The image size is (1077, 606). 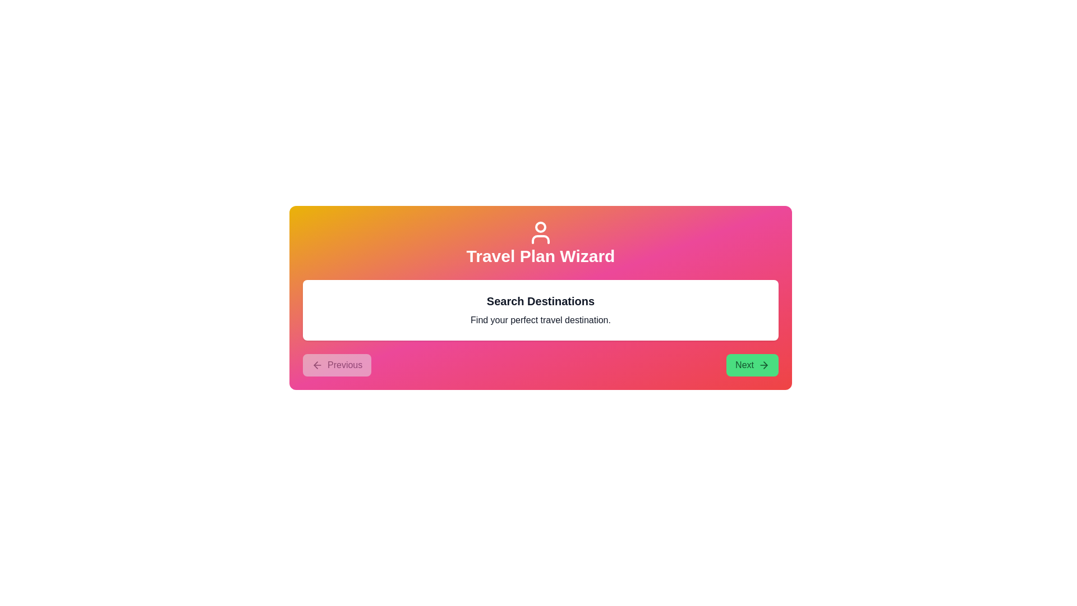 I want to click on the leftward arrow graphic element that is part of the 'Previous' button located at the left side of the lower panel, so click(x=315, y=365).